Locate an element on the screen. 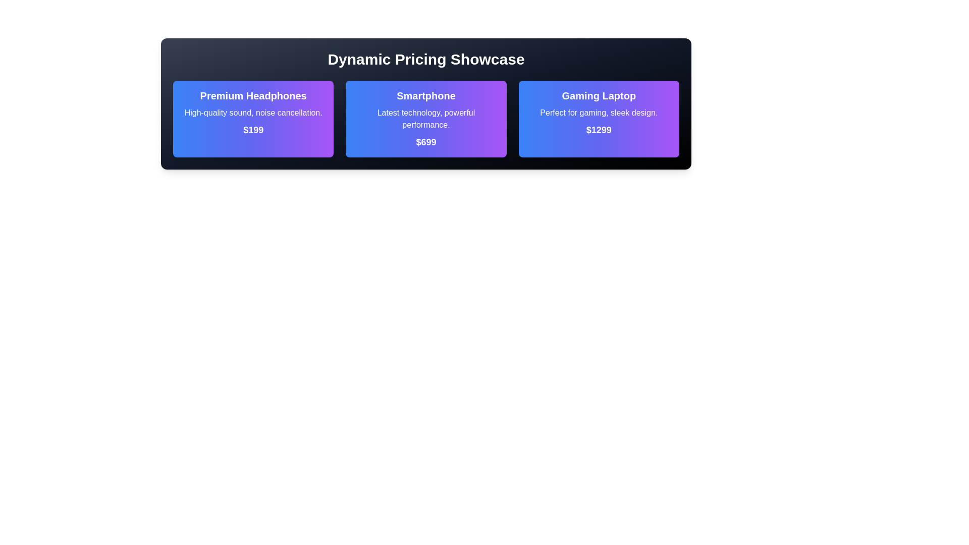  the text label that serves as the title for the product 'Premium Headphones', which is positioned above the description and price in the product card is located at coordinates (253, 95).